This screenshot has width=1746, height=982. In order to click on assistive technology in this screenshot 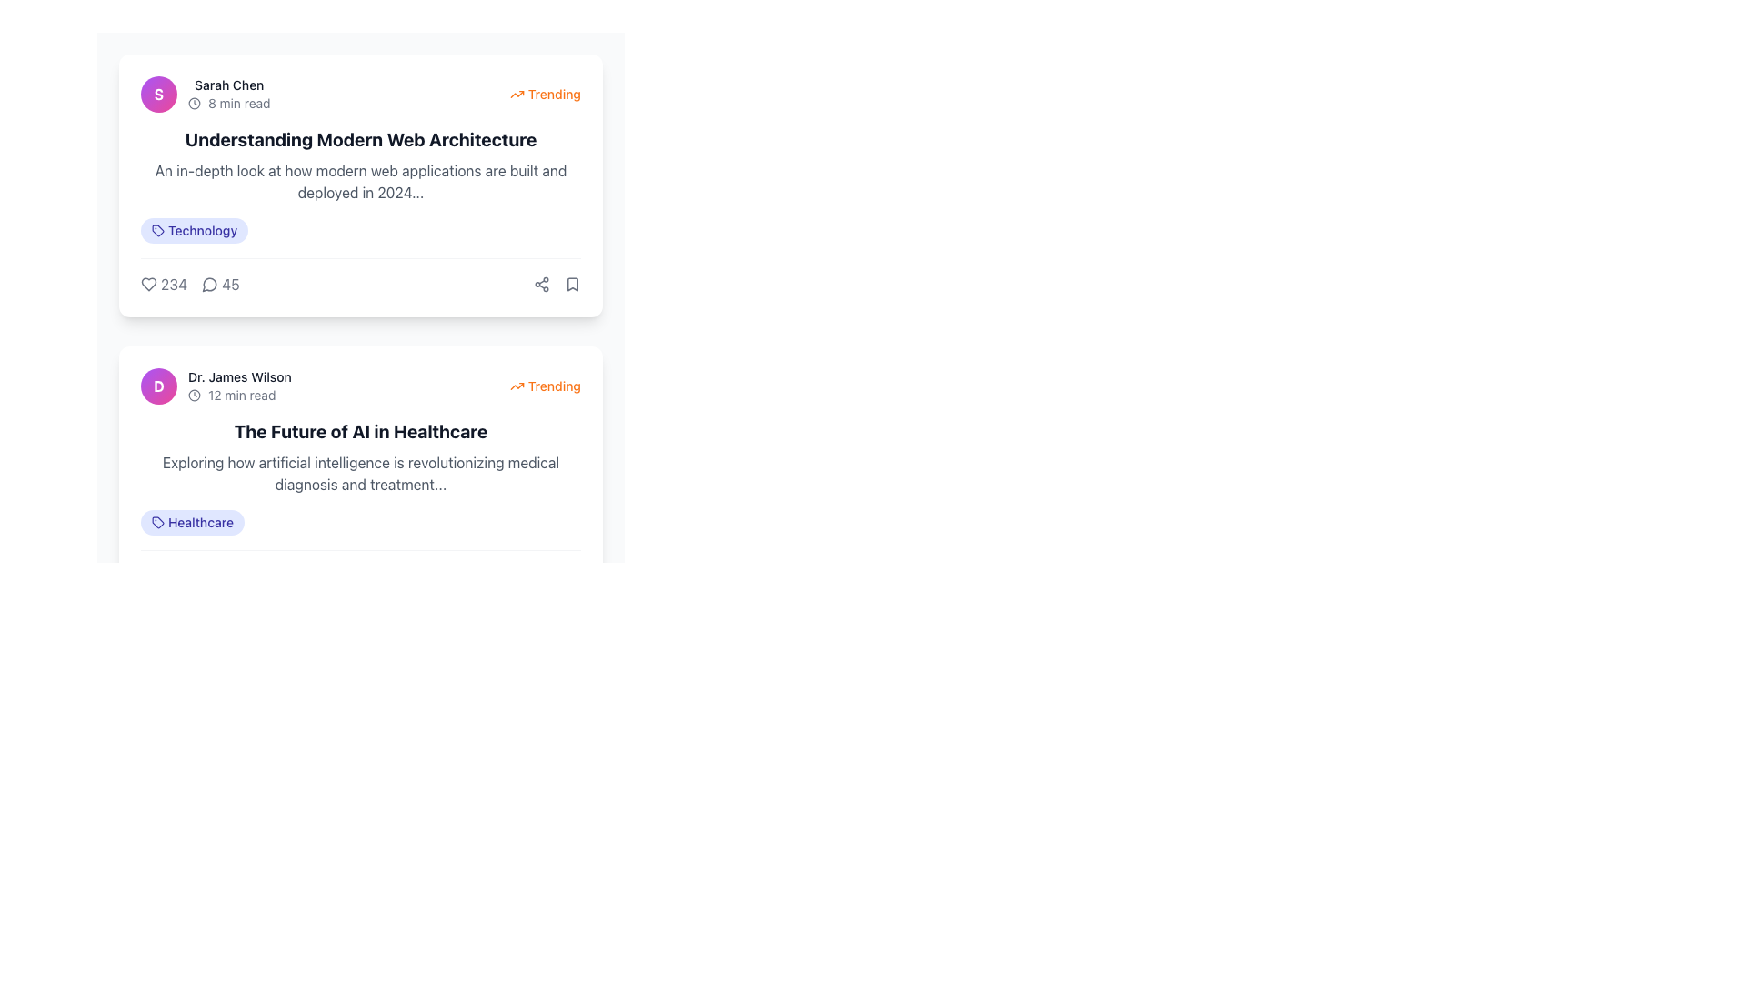, I will do `click(228, 104)`.